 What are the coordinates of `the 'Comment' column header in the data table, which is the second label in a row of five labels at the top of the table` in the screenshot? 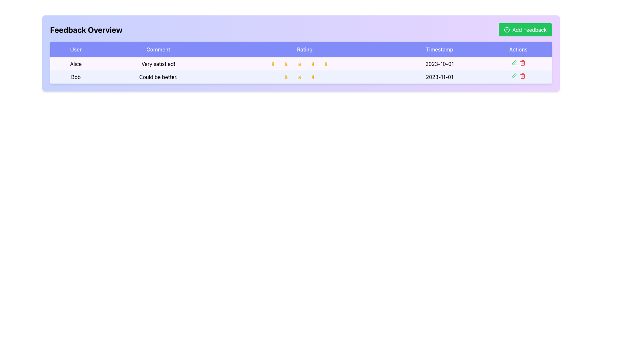 It's located at (158, 49).